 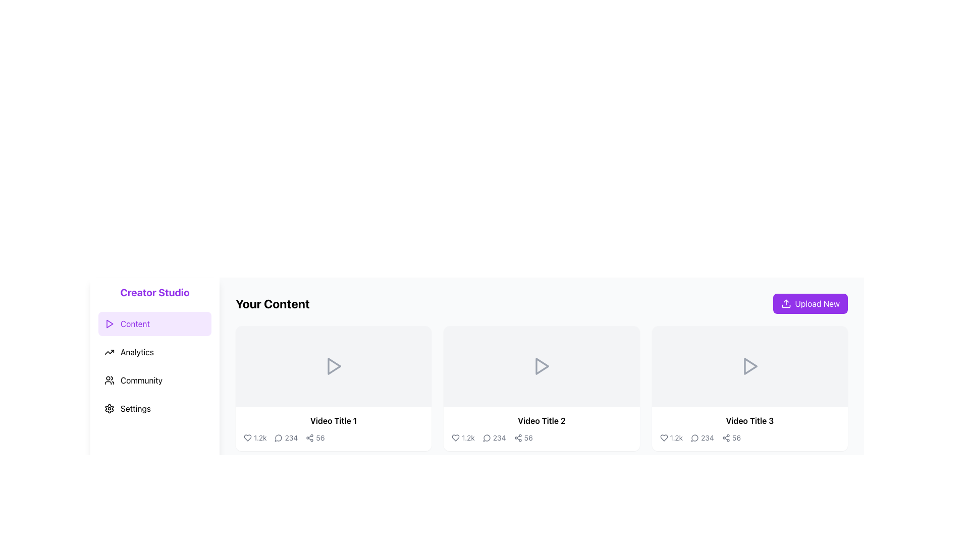 What do you see at coordinates (541, 366) in the screenshot?
I see `the triangular play icon, which is styled in light gray and located within the second card under the heading 'Your Content.'` at bounding box center [541, 366].